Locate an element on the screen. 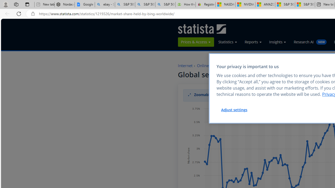 Image resolution: width=335 pixels, height=188 pixels. 'Statistics' is located at coordinates (228, 42).